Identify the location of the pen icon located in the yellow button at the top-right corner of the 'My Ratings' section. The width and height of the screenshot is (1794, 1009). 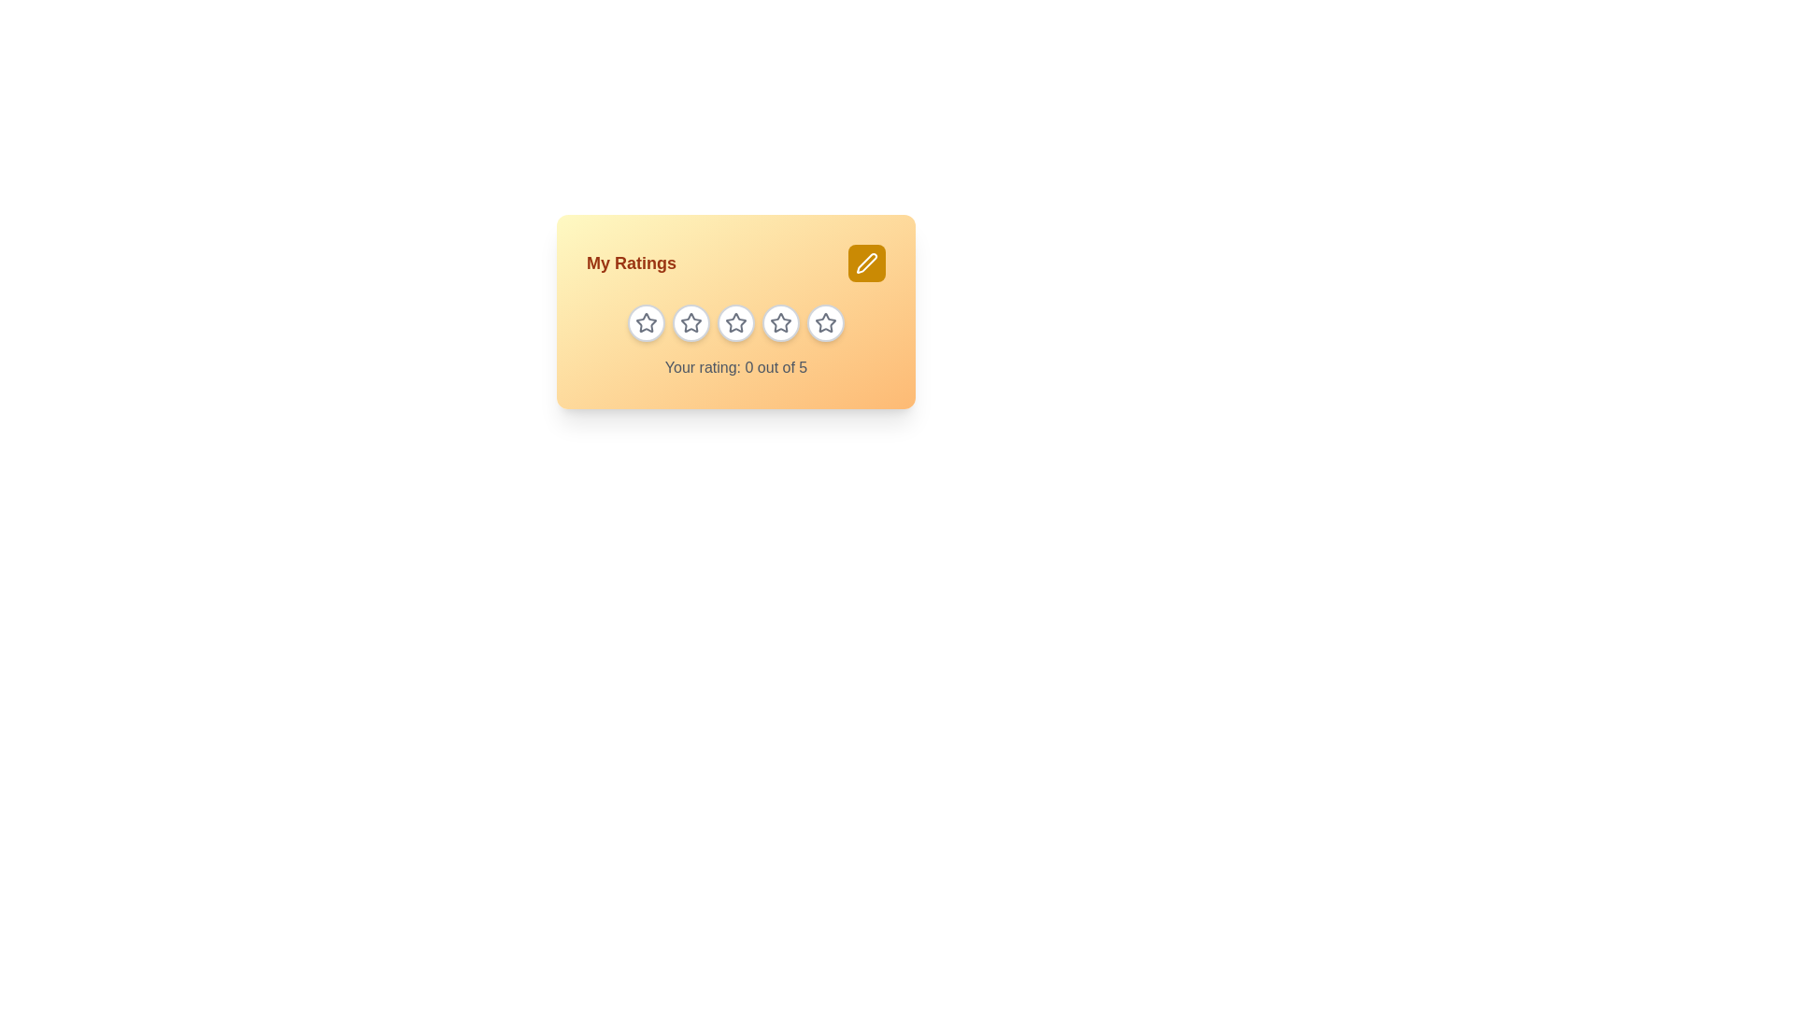
(865, 263).